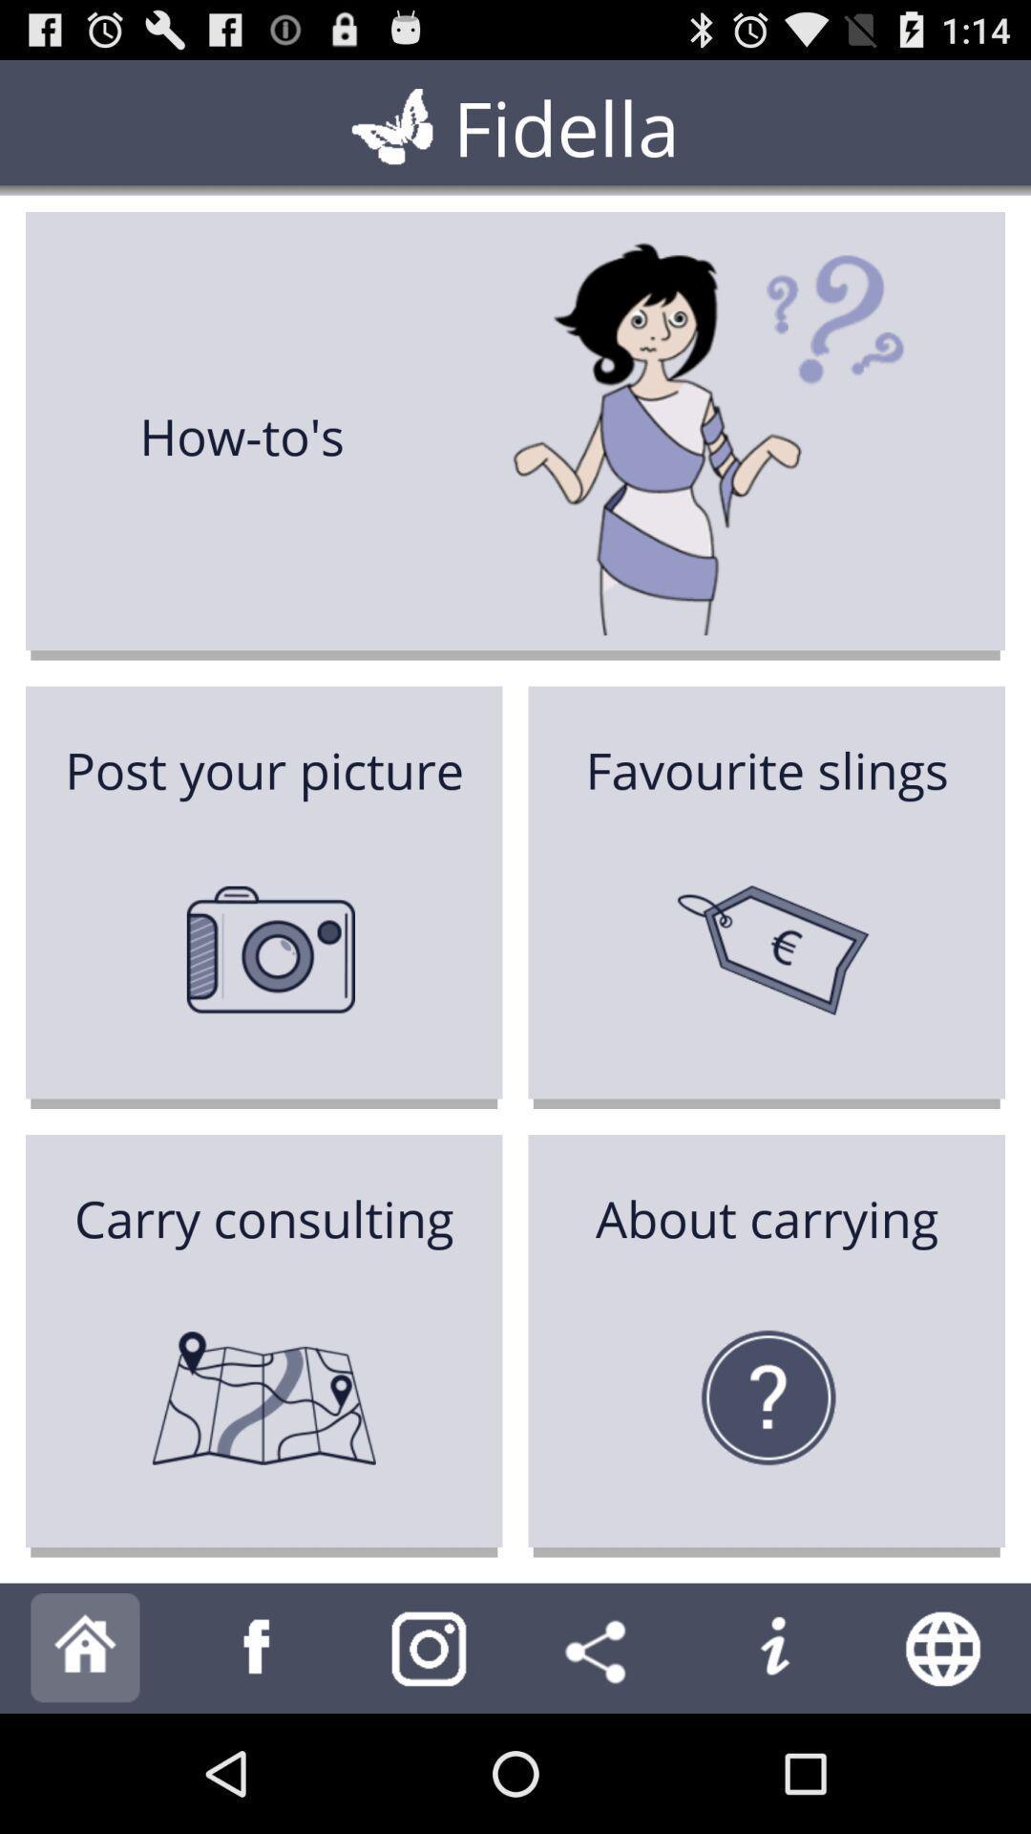  Describe the element at coordinates (84, 1647) in the screenshot. I see `go home` at that location.